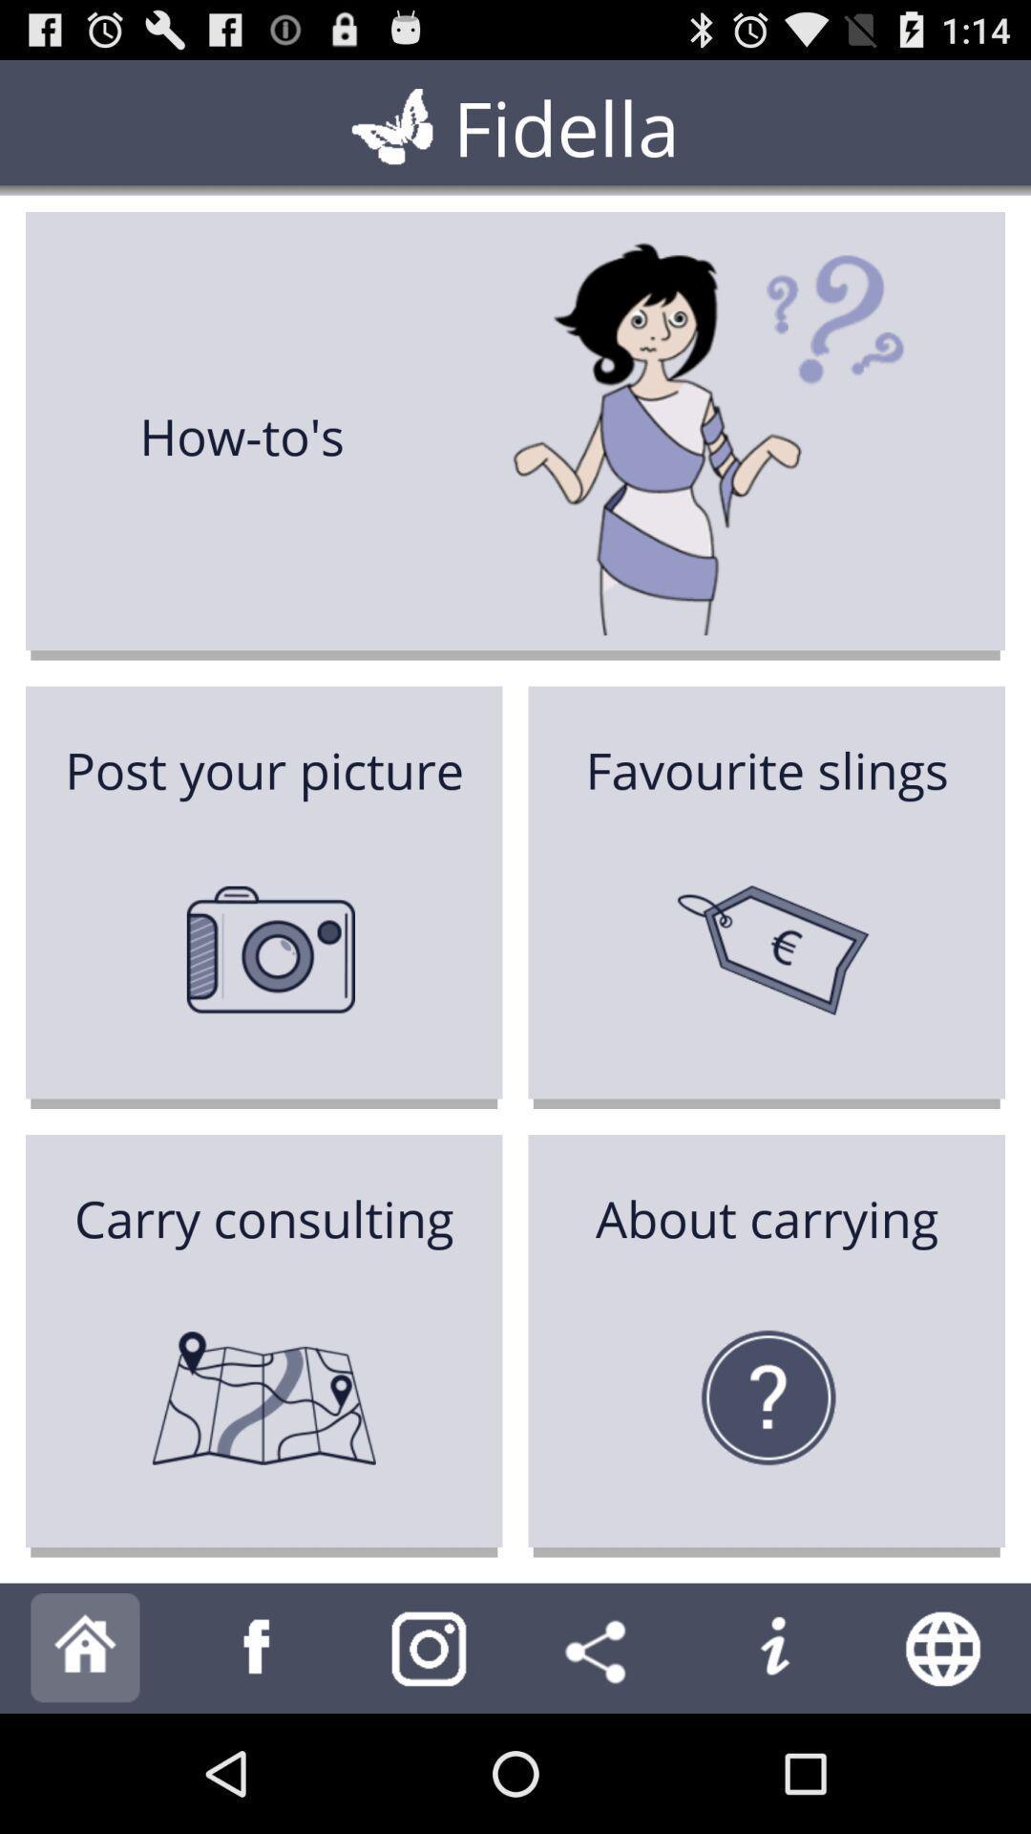  Describe the element at coordinates (84, 1647) in the screenshot. I see `go home` at that location.